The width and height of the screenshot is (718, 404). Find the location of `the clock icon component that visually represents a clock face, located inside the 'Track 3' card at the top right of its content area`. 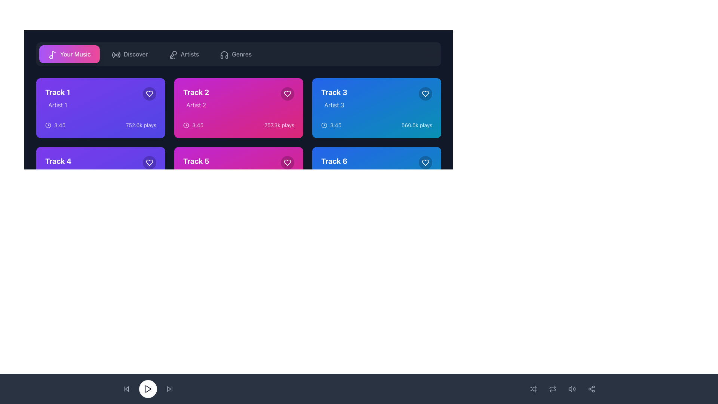

the clock icon component that visually represents a clock face, located inside the 'Track 3' card at the top right of its content area is located at coordinates (324, 125).